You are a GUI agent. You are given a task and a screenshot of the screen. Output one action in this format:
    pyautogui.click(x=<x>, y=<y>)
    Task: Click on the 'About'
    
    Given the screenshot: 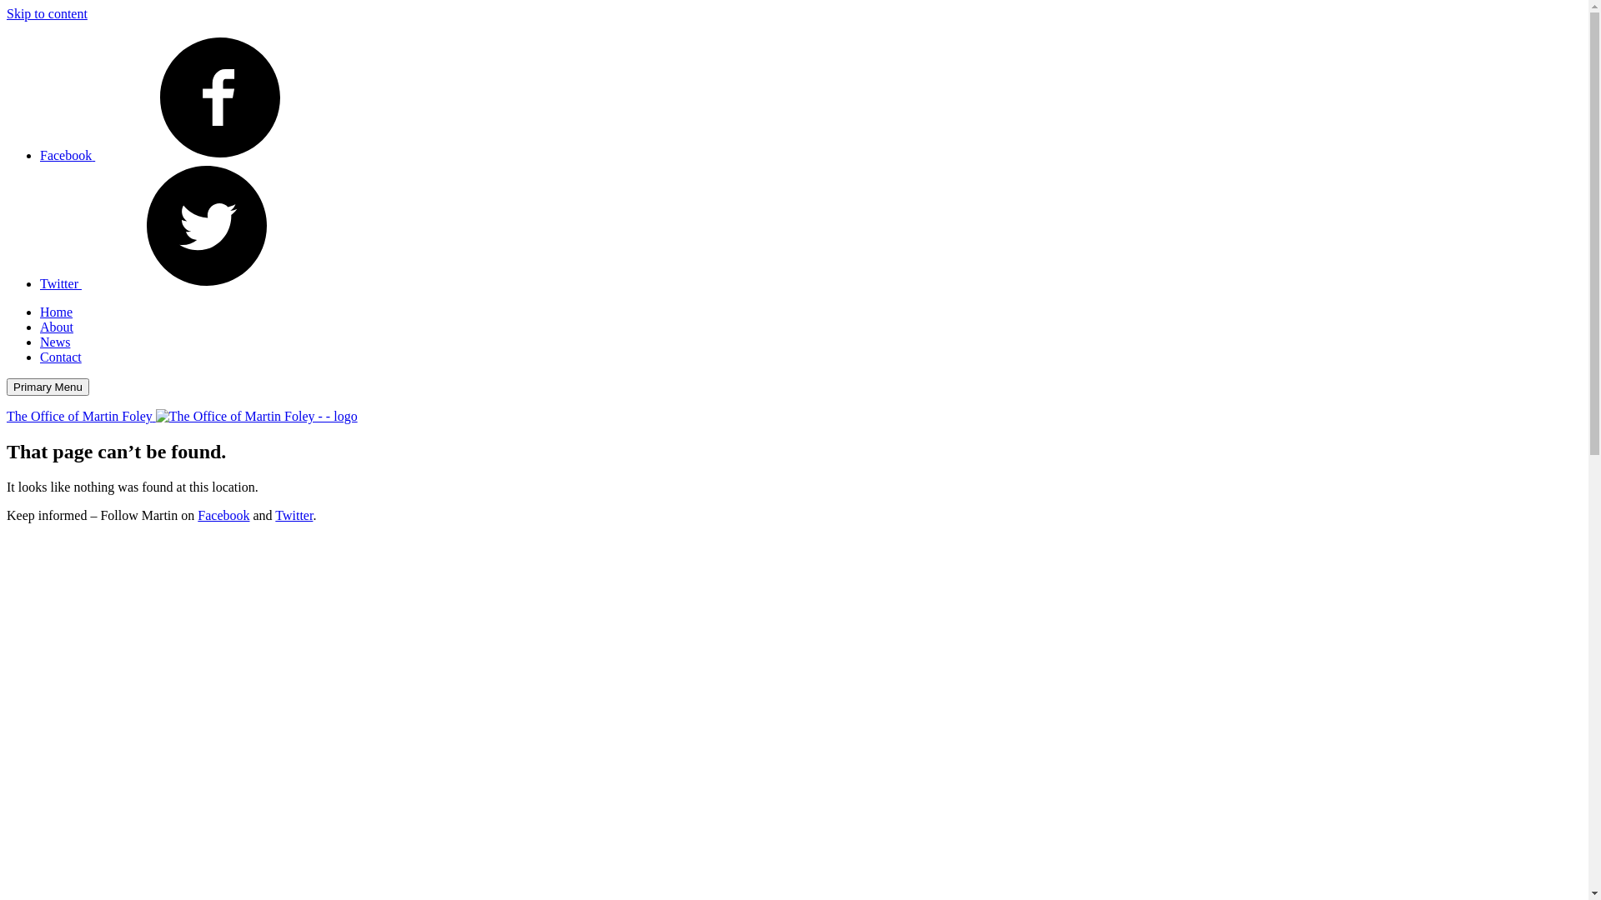 What is the action you would take?
    pyautogui.click(x=56, y=327)
    